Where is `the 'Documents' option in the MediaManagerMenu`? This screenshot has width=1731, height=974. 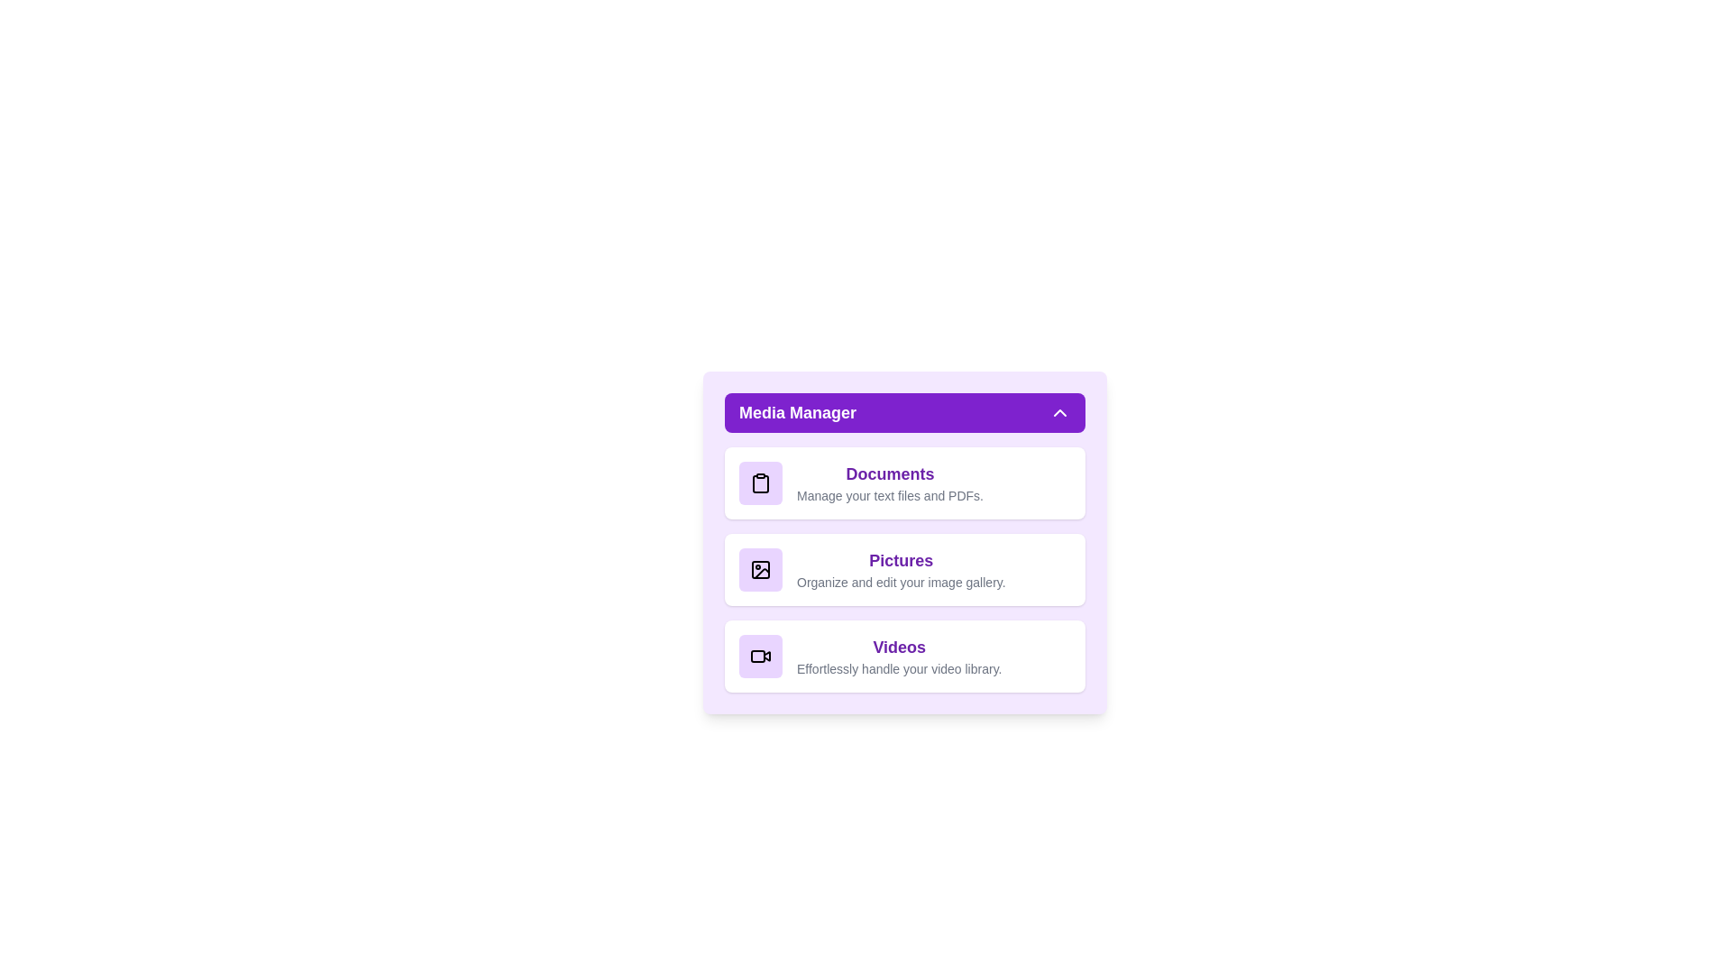 the 'Documents' option in the MediaManagerMenu is located at coordinates (904, 482).